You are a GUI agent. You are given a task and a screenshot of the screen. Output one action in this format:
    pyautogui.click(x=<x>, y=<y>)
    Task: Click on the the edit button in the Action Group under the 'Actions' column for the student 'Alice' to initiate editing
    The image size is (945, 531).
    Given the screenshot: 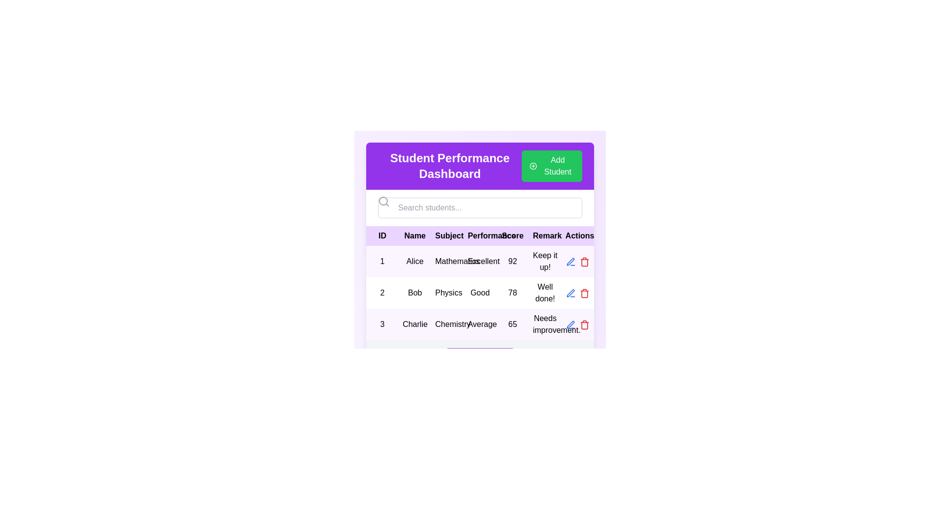 What is the action you would take?
    pyautogui.click(x=577, y=261)
    